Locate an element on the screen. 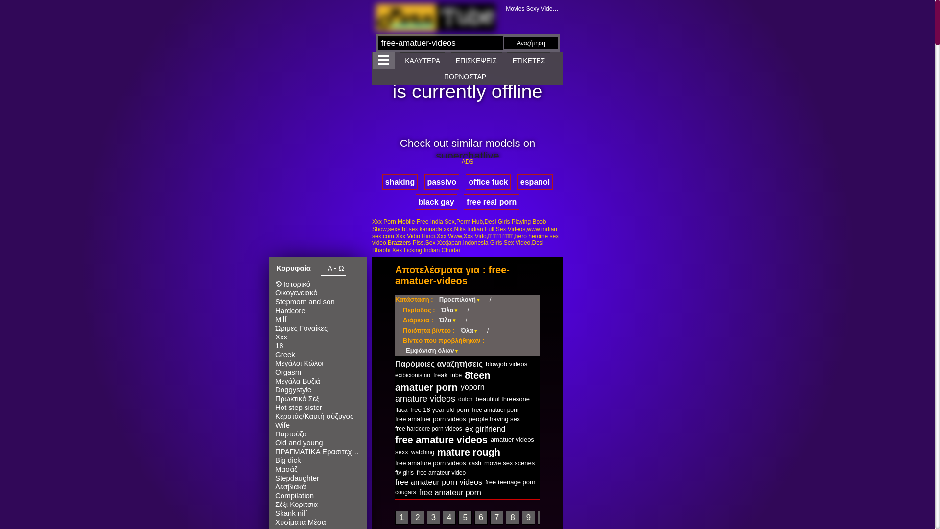  'ftv girls' is located at coordinates (404, 472).